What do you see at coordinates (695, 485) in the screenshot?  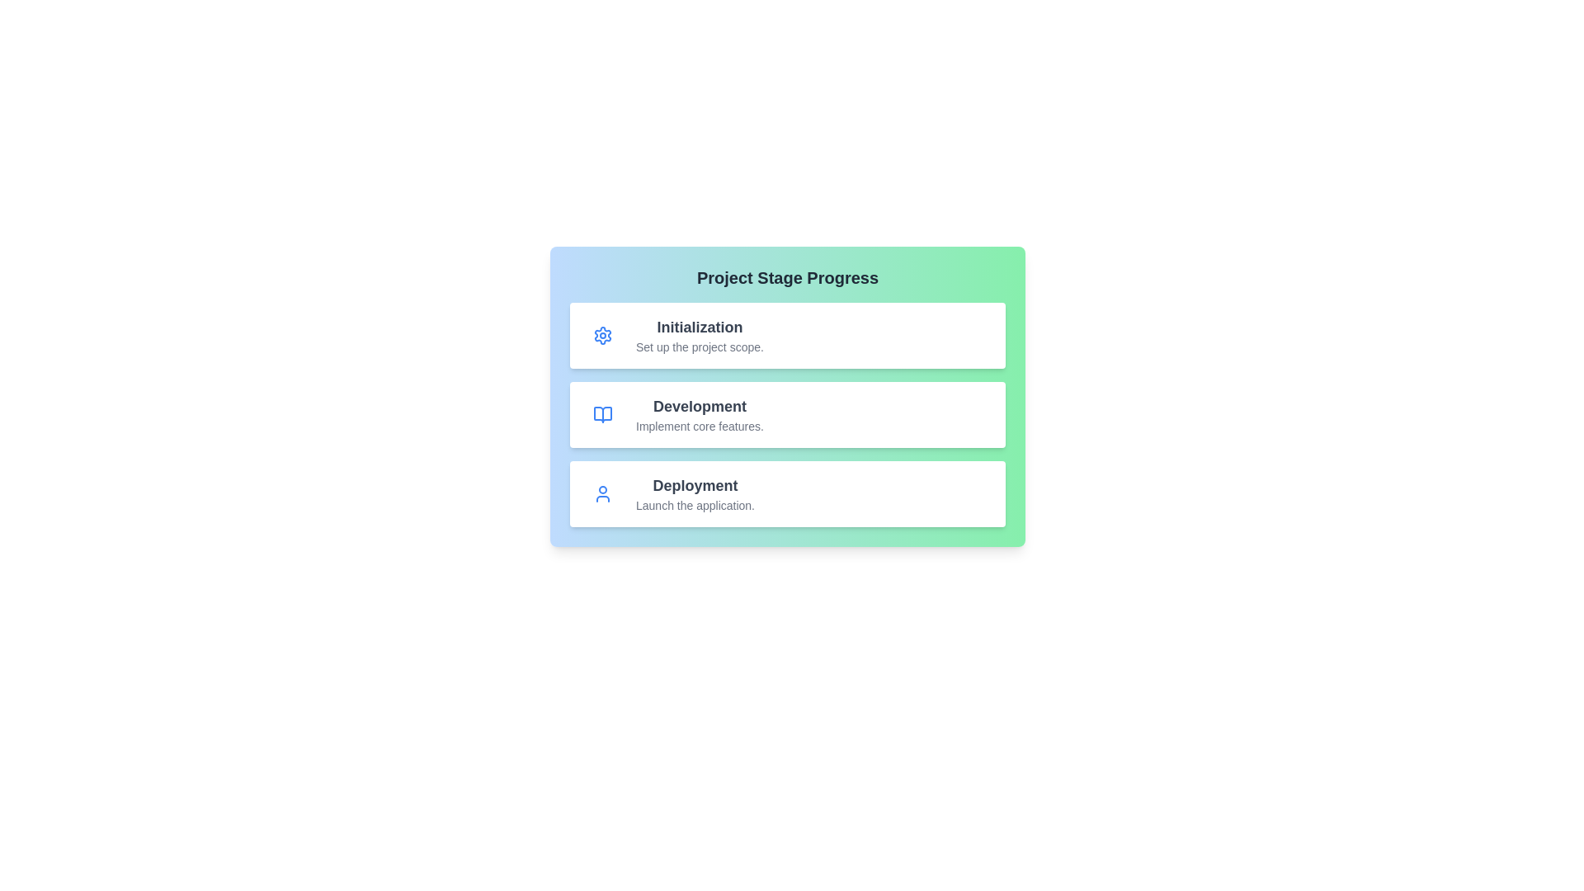 I see `text label 'Deployment' displayed in bold and dark gray color, located at the top of a card in a multistage process interface` at bounding box center [695, 485].